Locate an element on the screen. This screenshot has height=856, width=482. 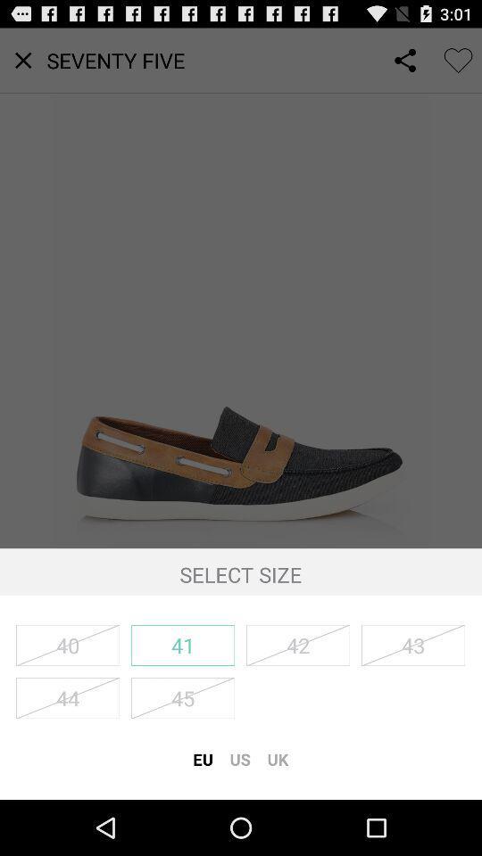
icon at the center is located at coordinates (241, 288).